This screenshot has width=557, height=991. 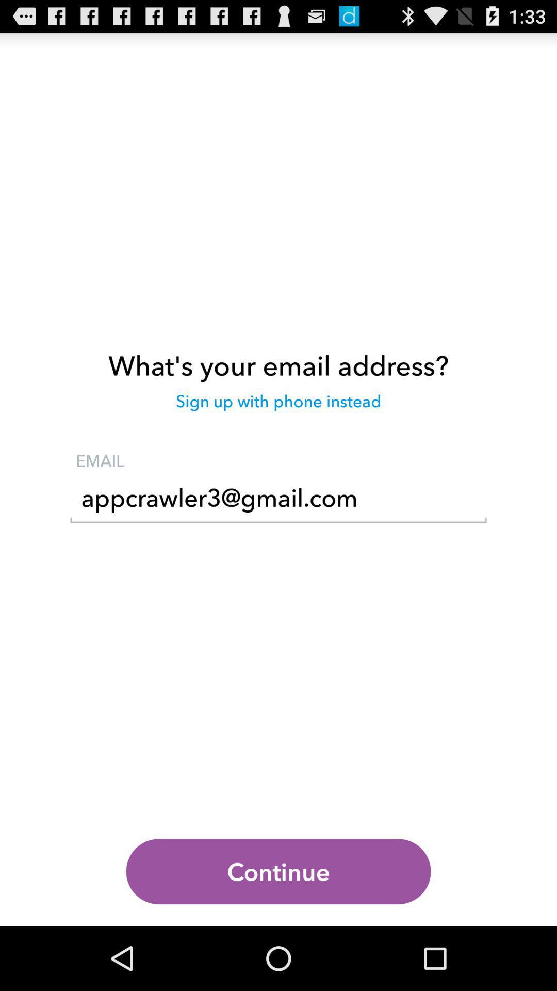 I want to click on sign up with, so click(x=278, y=406).